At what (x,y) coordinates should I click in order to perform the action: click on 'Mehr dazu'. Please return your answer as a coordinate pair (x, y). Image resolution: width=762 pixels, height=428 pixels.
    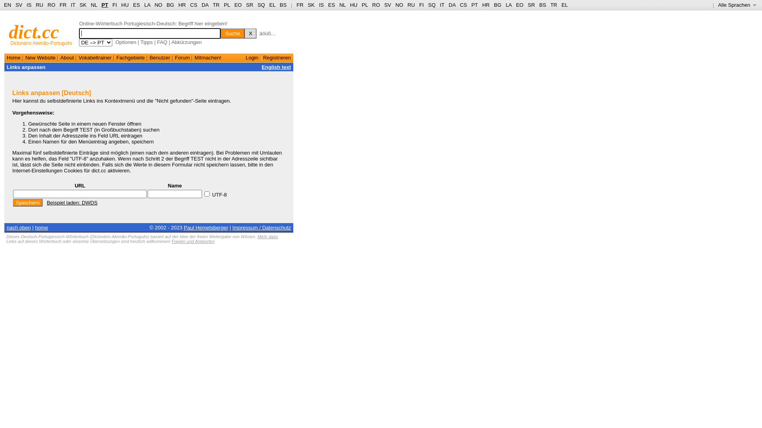
    Looking at the image, I should click on (268, 236).